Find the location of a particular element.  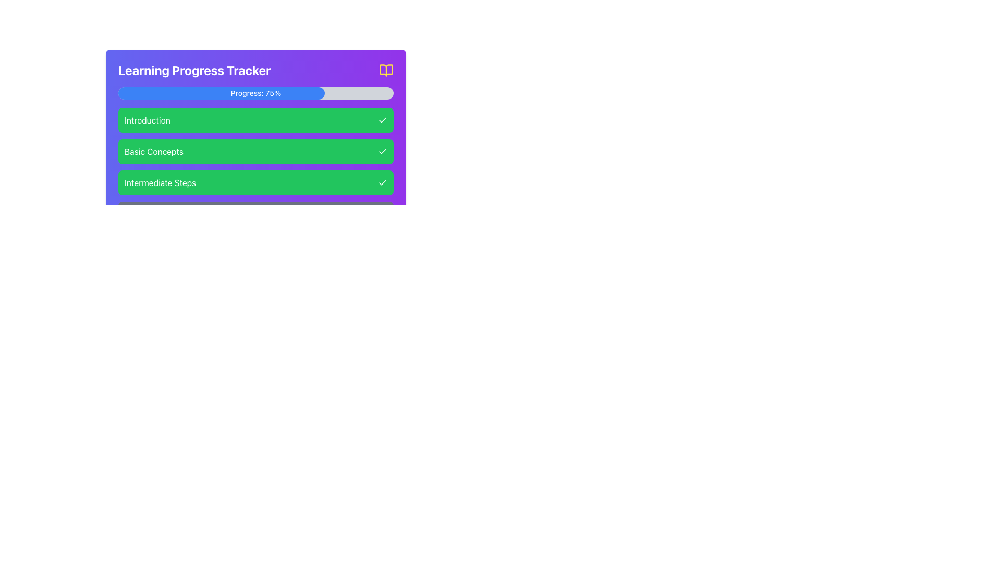

the progress bar indicating 75% completion within the 'Learning Progress Tracker' panel is located at coordinates (255, 92).